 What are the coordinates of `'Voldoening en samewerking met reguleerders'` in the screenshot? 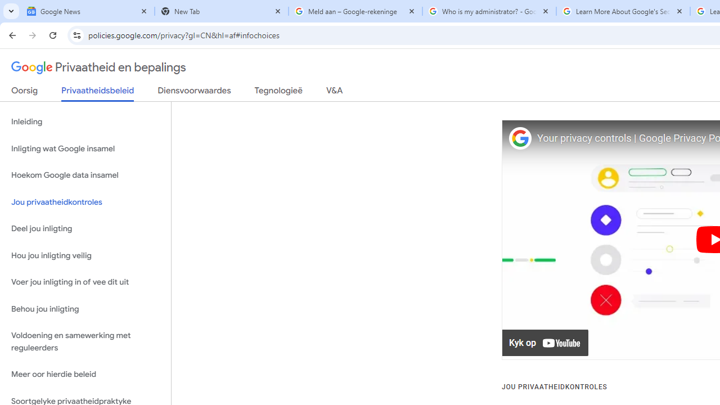 It's located at (85, 341).